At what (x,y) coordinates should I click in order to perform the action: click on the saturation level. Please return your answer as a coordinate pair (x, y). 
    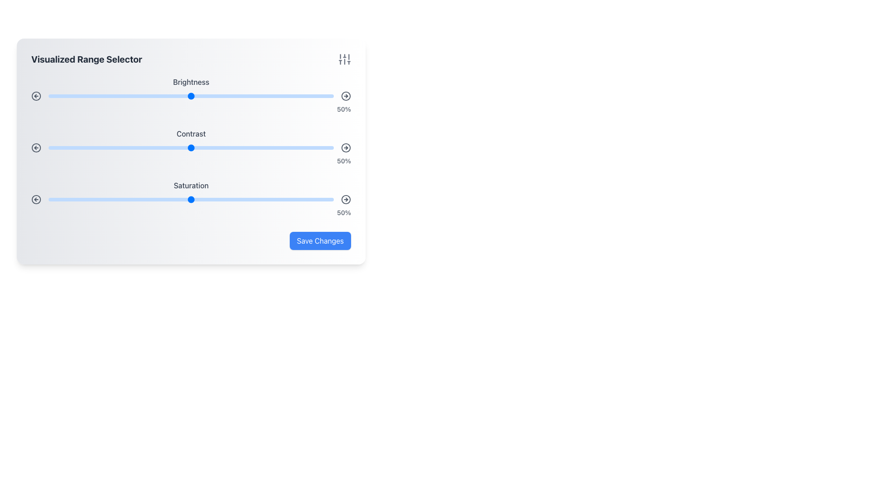
    Looking at the image, I should click on (157, 199).